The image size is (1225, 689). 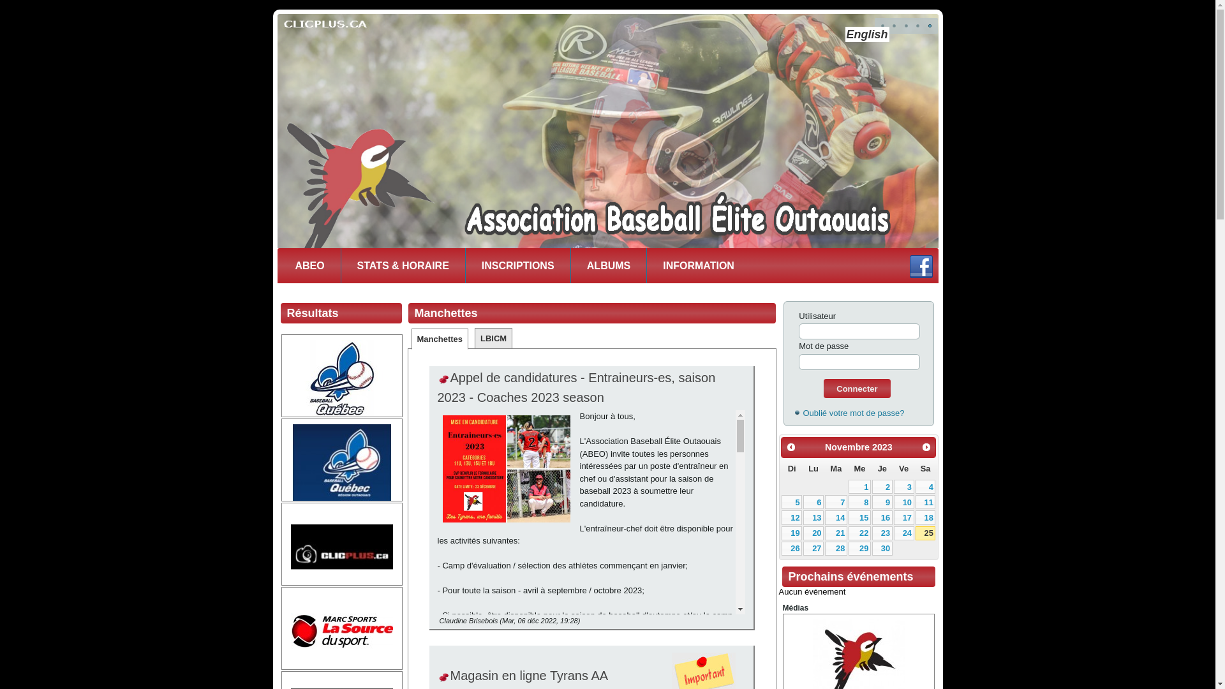 What do you see at coordinates (857, 388) in the screenshot?
I see `'Connecter'` at bounding box center [857, 388].